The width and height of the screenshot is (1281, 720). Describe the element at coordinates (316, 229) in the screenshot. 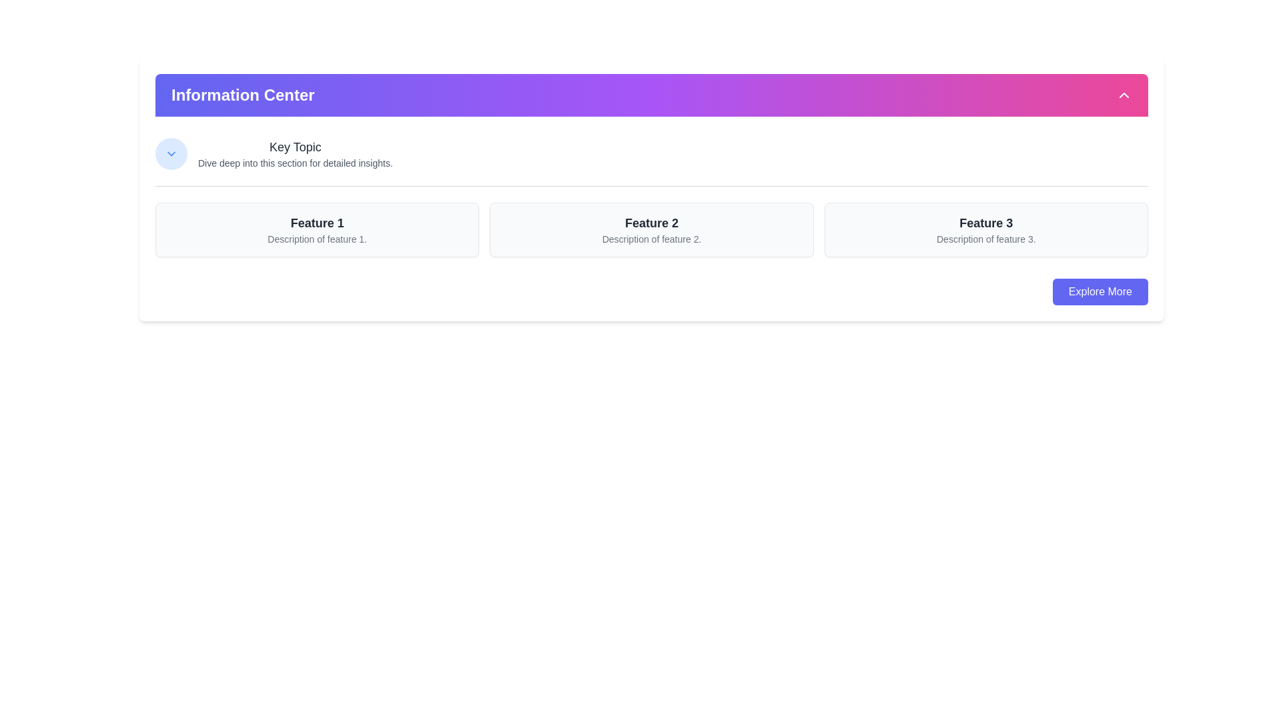

I see `the Informative card labeled 'Feature 1' which is located in the first column of the grid layout, below the title 'Information Center' and subtitle 'Key Topic'` at that location.